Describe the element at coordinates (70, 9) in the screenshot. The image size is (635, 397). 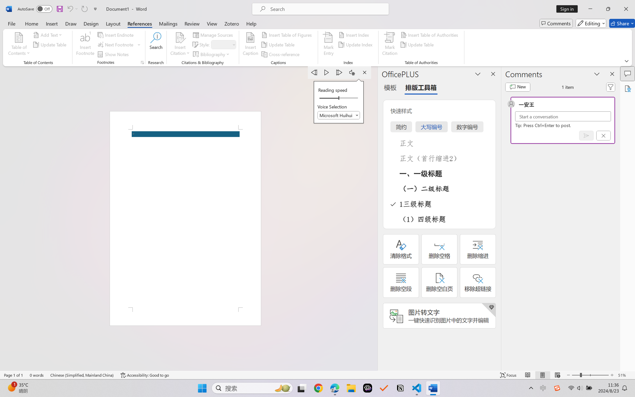
I see `'Undo Apply Quick Style Set'` at that location.